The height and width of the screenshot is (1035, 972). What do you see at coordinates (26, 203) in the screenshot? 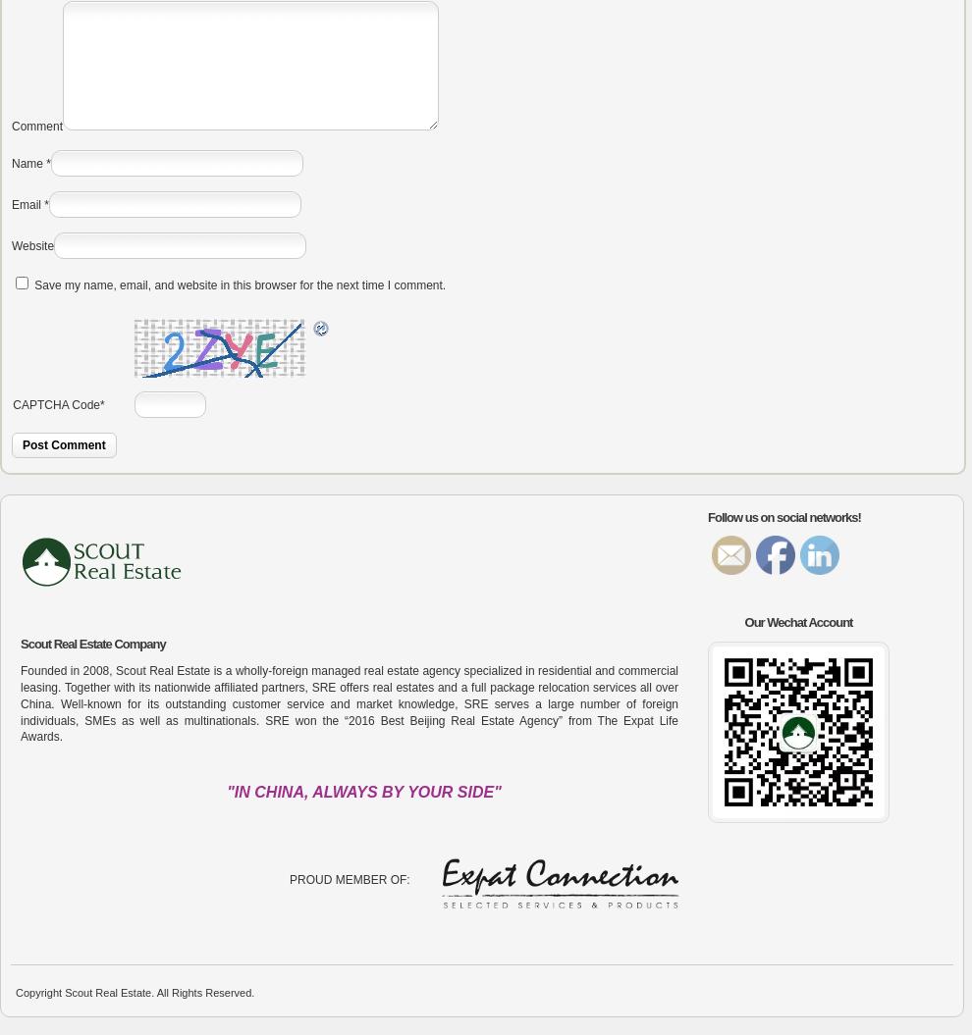
I see `'Email'` at bounding box center [26, 203].